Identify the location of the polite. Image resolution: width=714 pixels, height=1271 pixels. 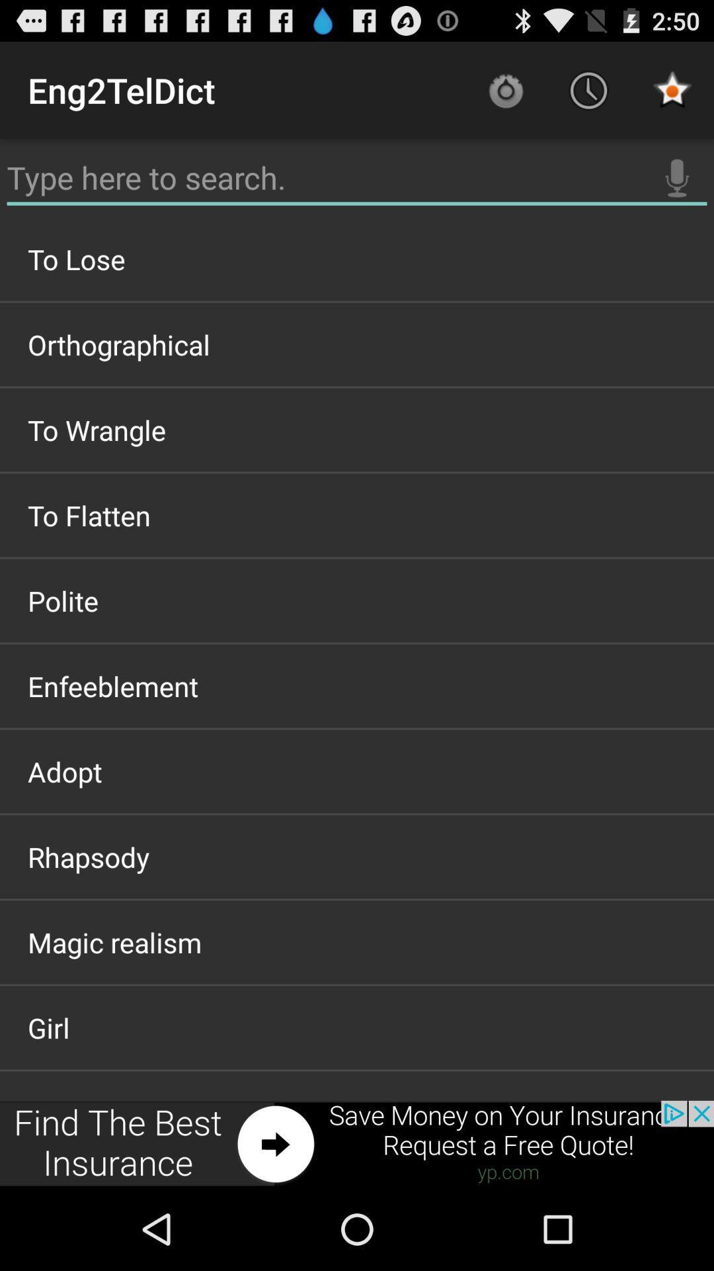
(357, 600).